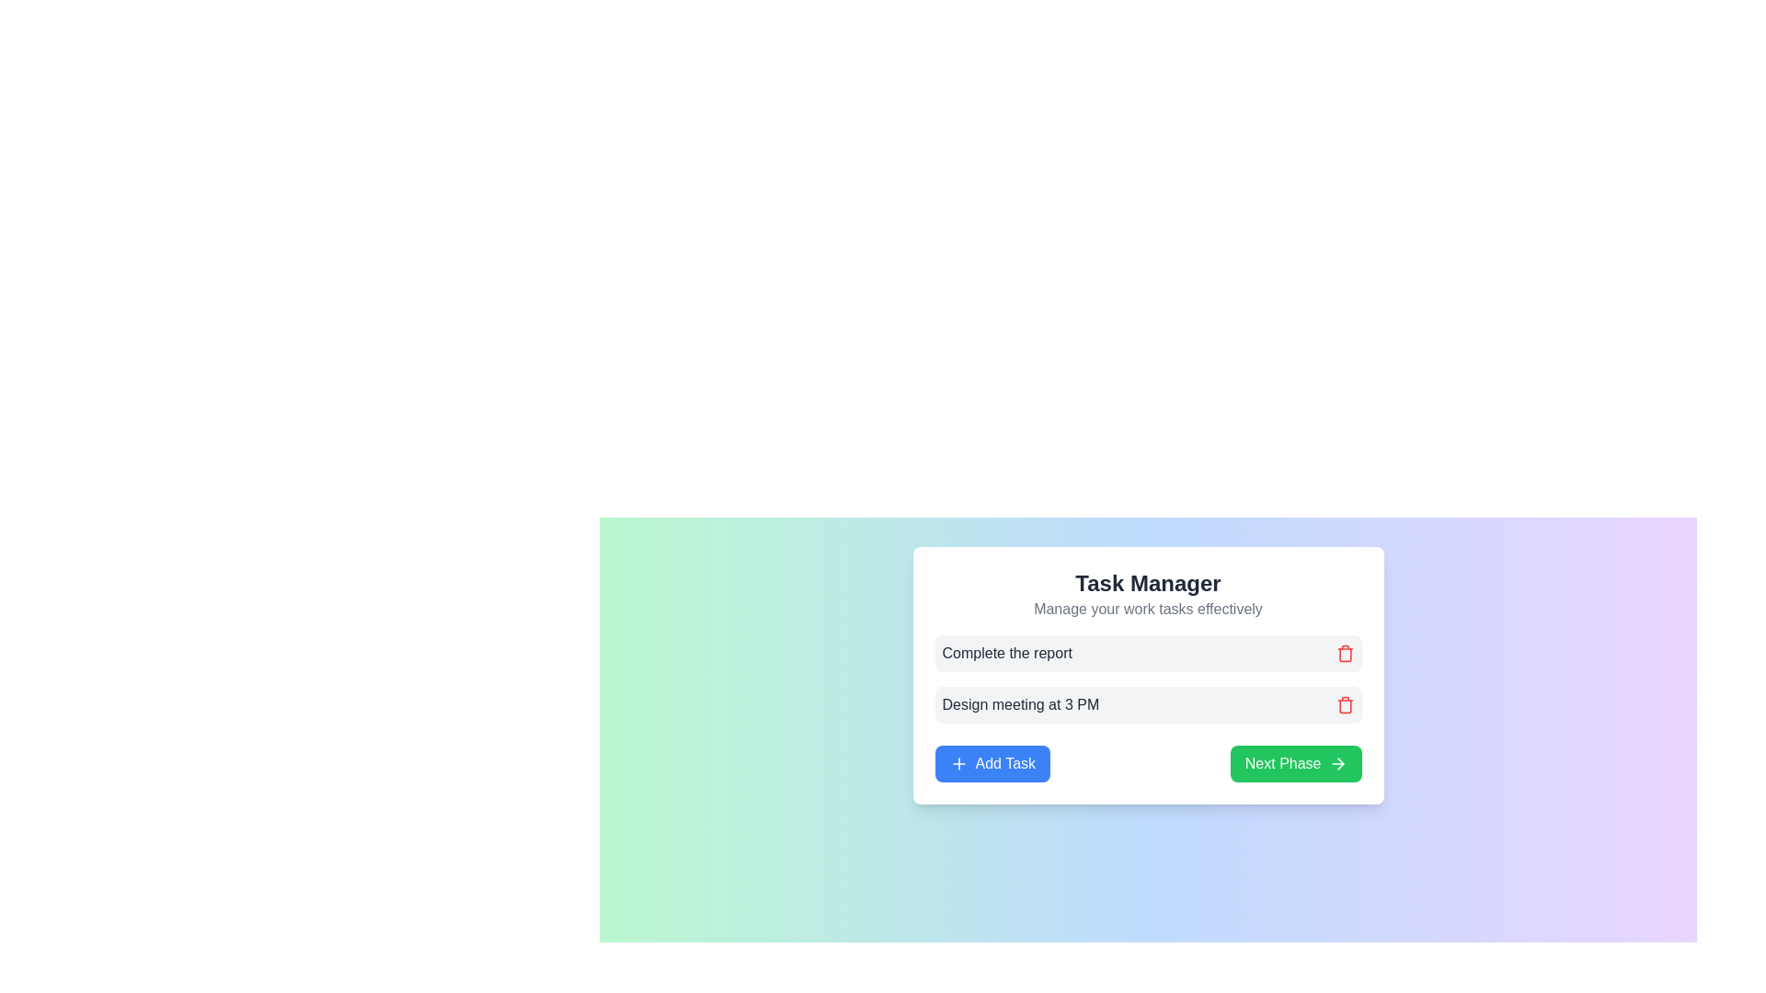  I want to click on the button located in the bottom-right corner of the task management section, so click(1295, 763).